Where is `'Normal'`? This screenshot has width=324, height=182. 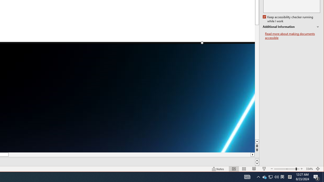 'Normal' is located at coordinates (234, 169).